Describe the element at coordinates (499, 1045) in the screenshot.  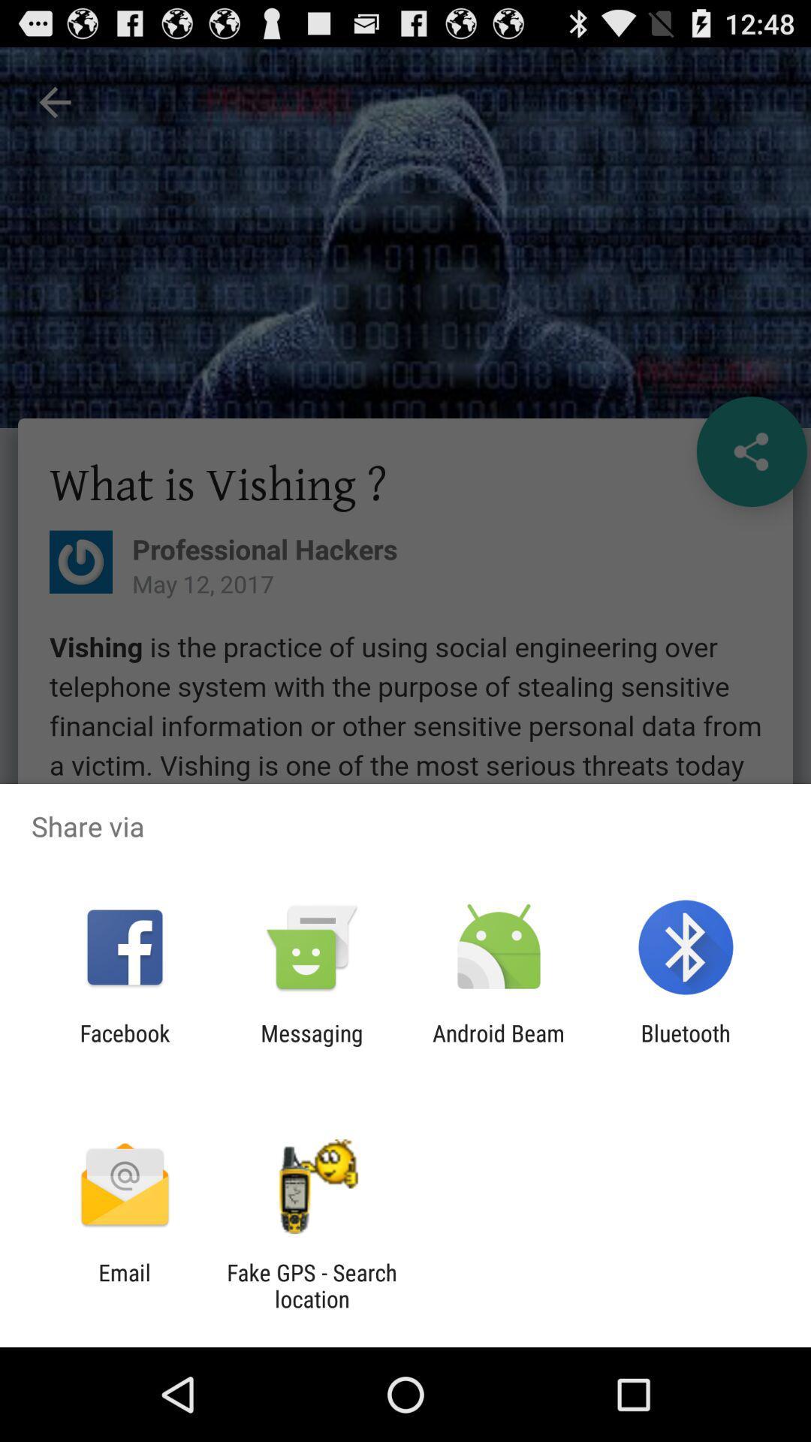
I see `app to the right of the messaging icon` at that location.